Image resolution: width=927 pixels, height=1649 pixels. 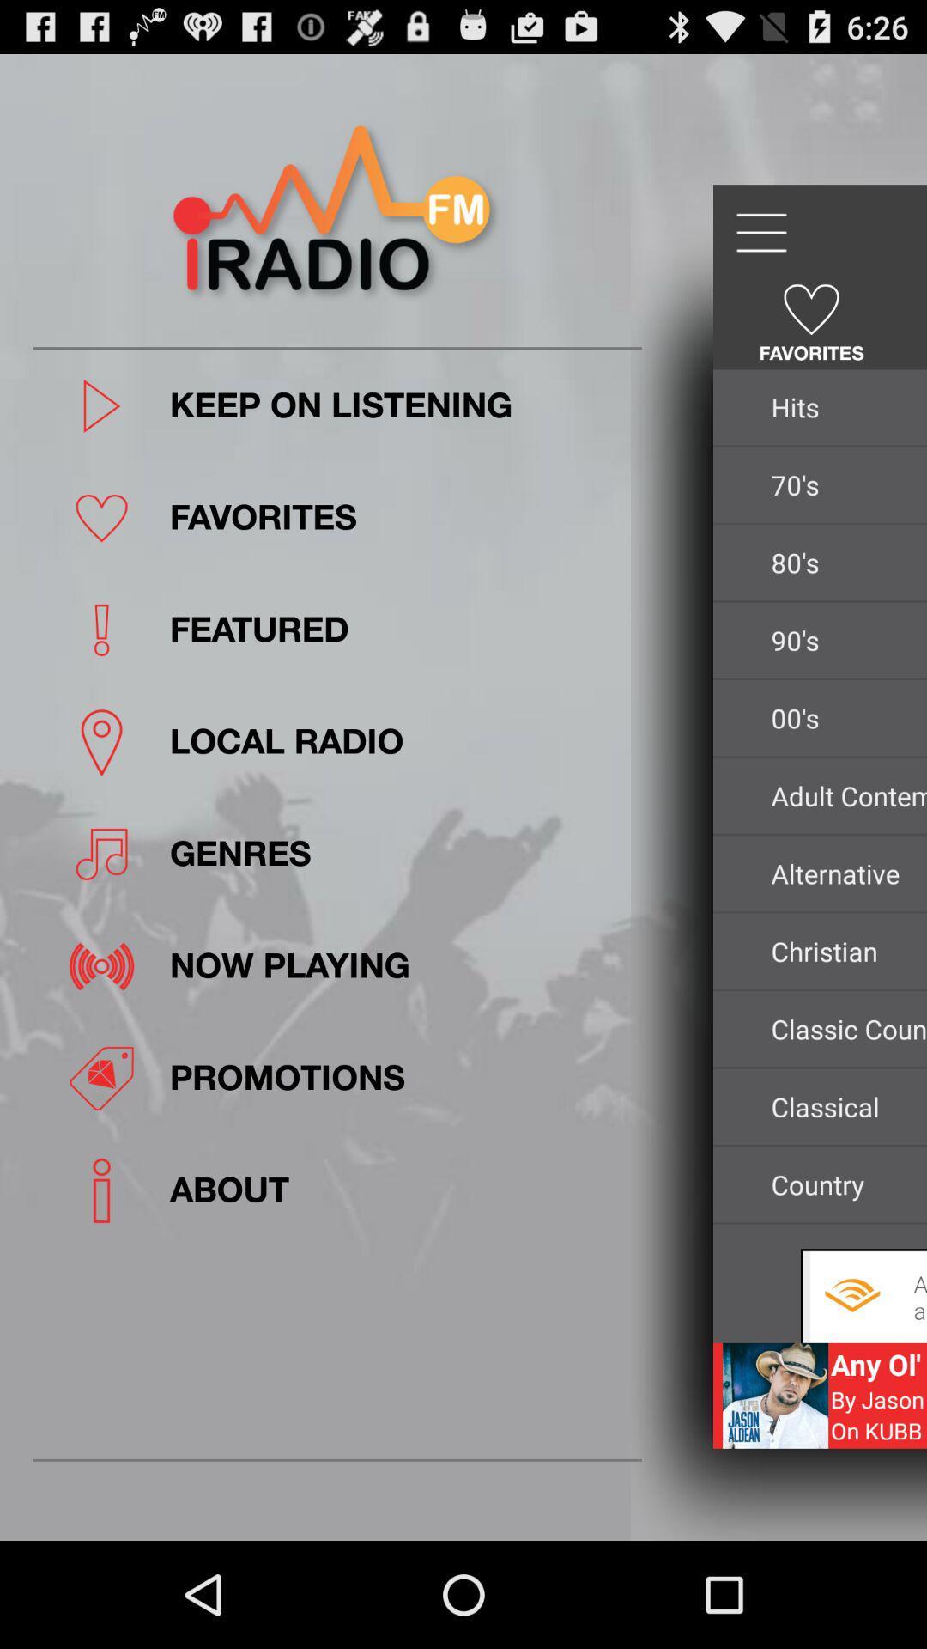 I want to click on action dots, so click(x=760, y=232).